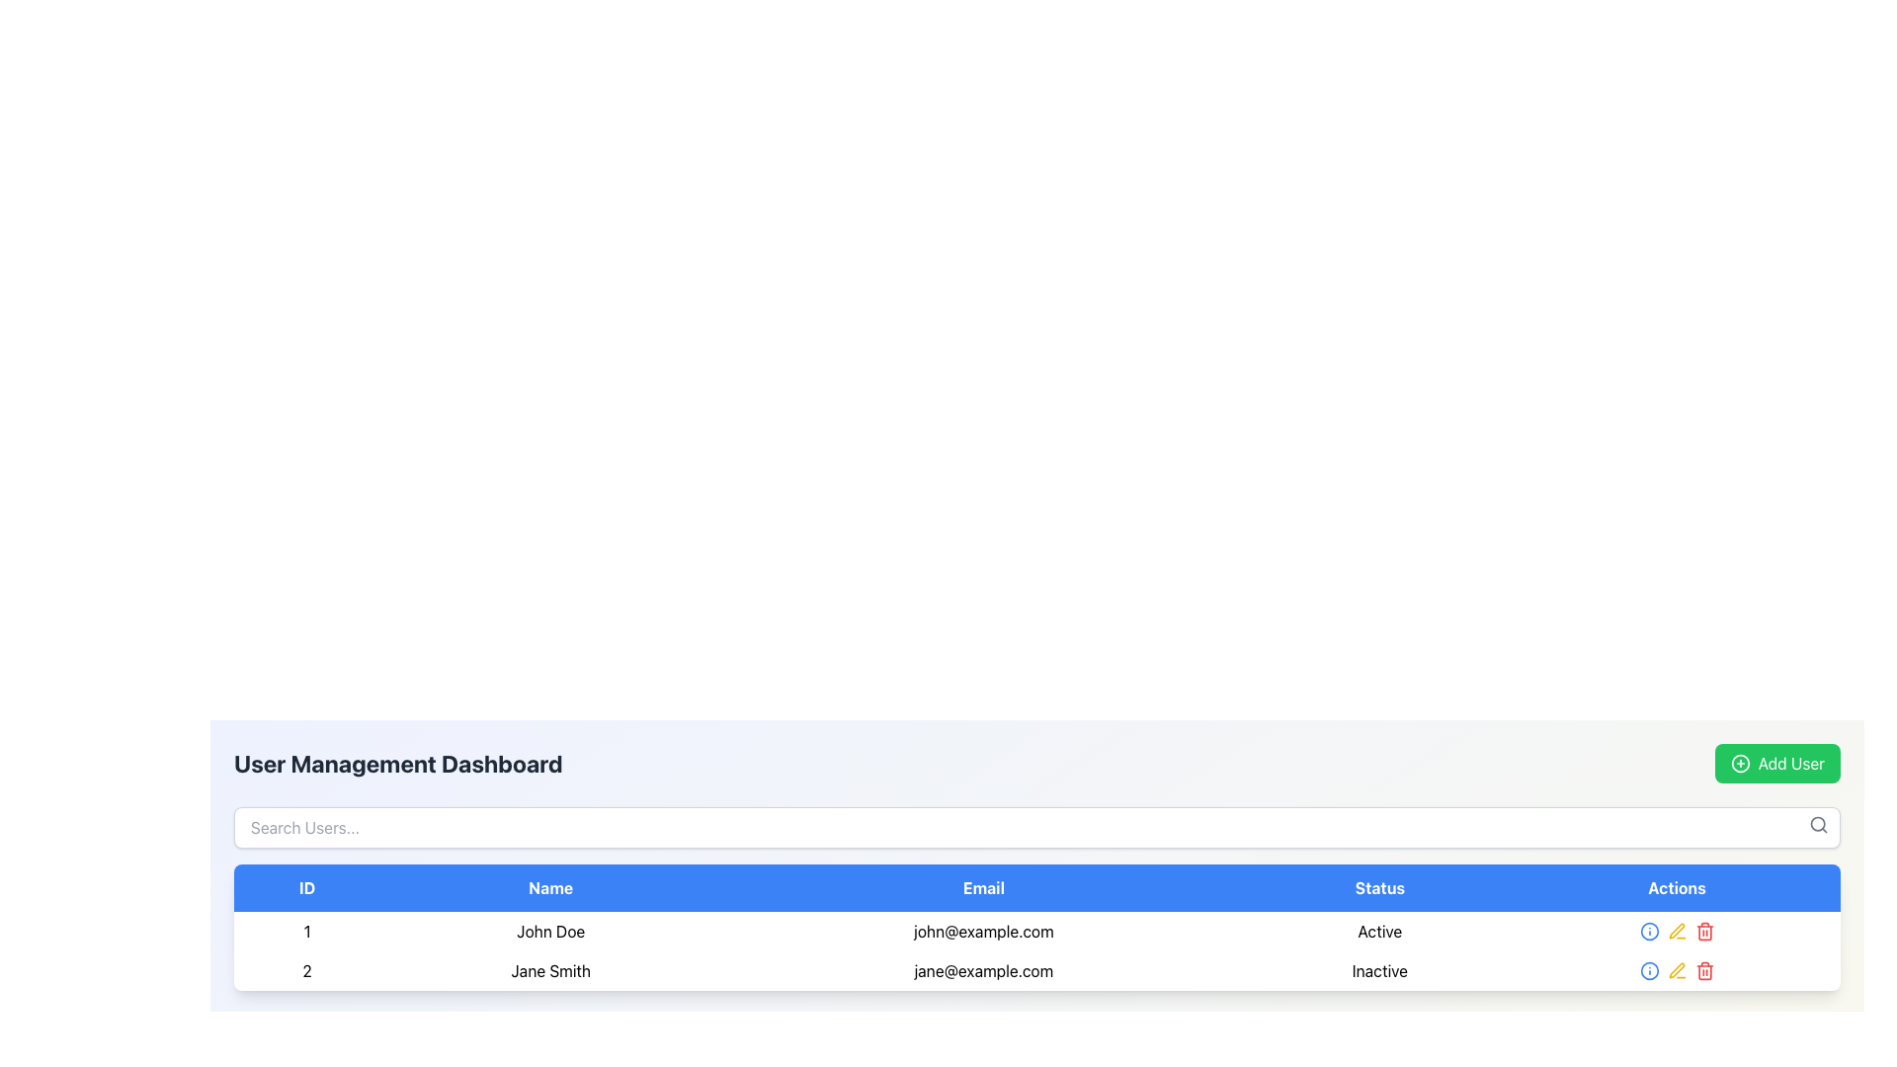 The image size is (1897, 1067). I want to click on the highlighted table row corresponding to user 'John Doe', which contains user details such as ID, email, and status, so click(1036, 950).